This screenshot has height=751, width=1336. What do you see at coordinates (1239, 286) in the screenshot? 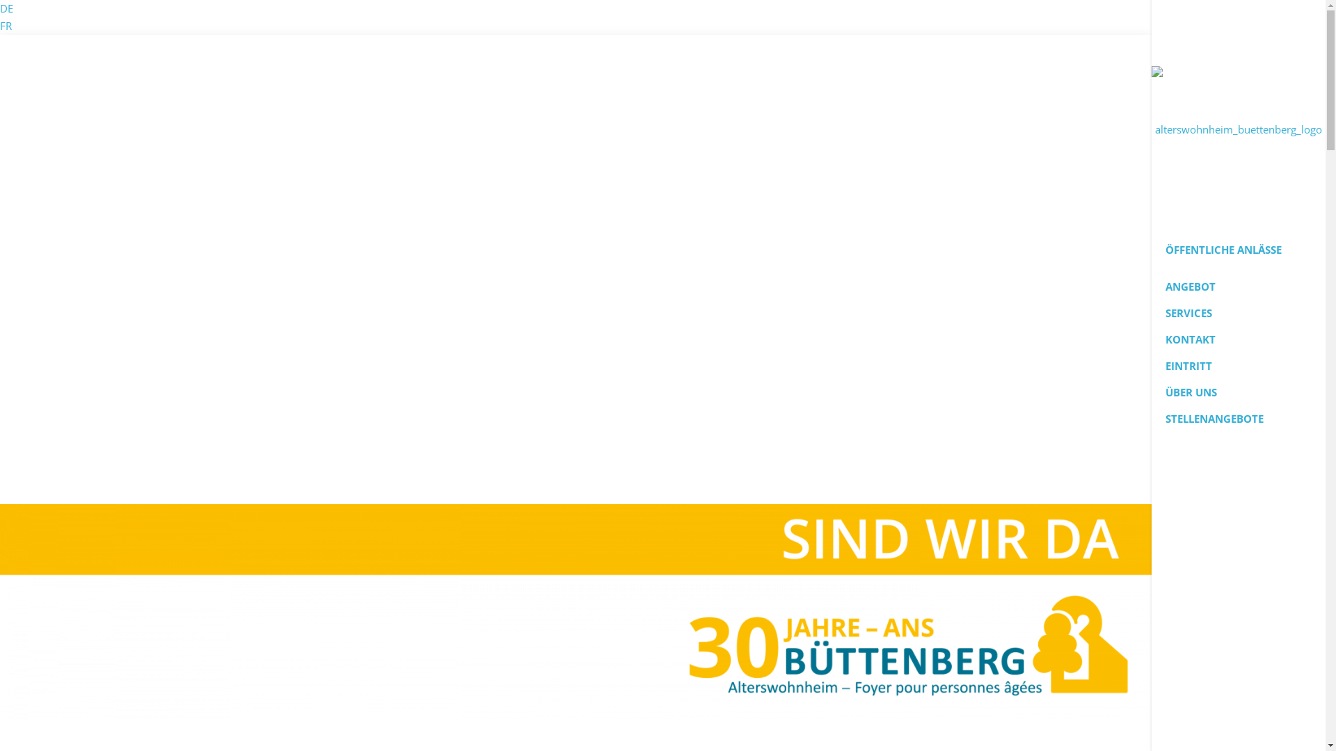
I see `'ANGEBOT'` at bounding box center [1239, 286].